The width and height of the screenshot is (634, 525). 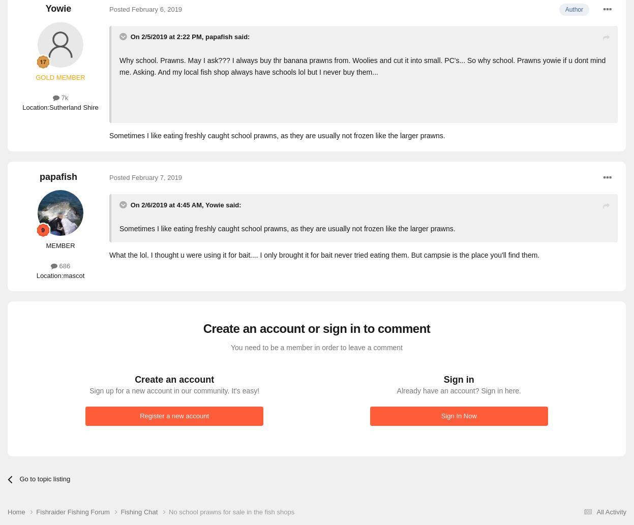 I want to click on 'Fishraider Fishing Forum', so click(x=73, y=511).